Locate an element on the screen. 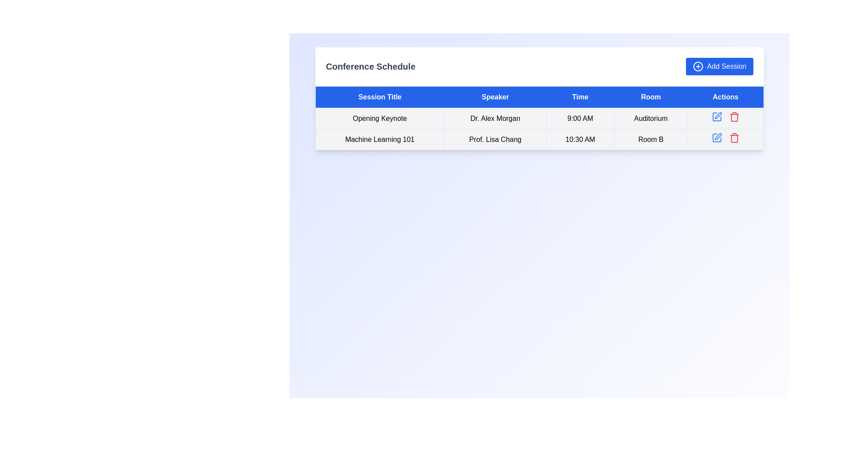  the edit icon in the 'Actions' column of the 'Conference Schedule' table for the 'Opening Keynote' session is located at coordinates (717, 116).